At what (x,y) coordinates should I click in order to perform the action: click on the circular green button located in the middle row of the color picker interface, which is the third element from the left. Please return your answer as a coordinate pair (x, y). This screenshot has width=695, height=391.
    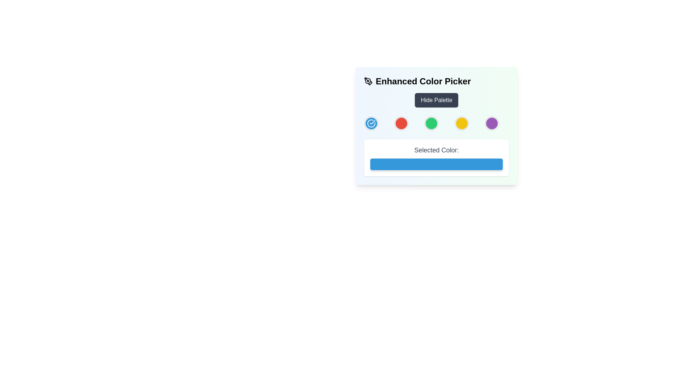
    Looking at the image, I should click on (431, 123).